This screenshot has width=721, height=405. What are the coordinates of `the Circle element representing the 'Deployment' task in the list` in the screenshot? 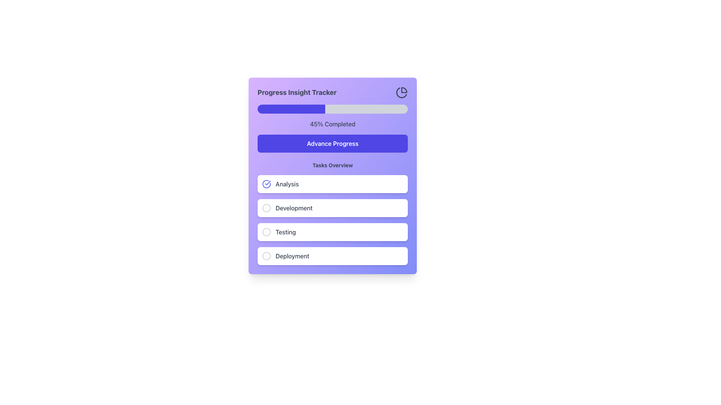 It's located at (267, 255).